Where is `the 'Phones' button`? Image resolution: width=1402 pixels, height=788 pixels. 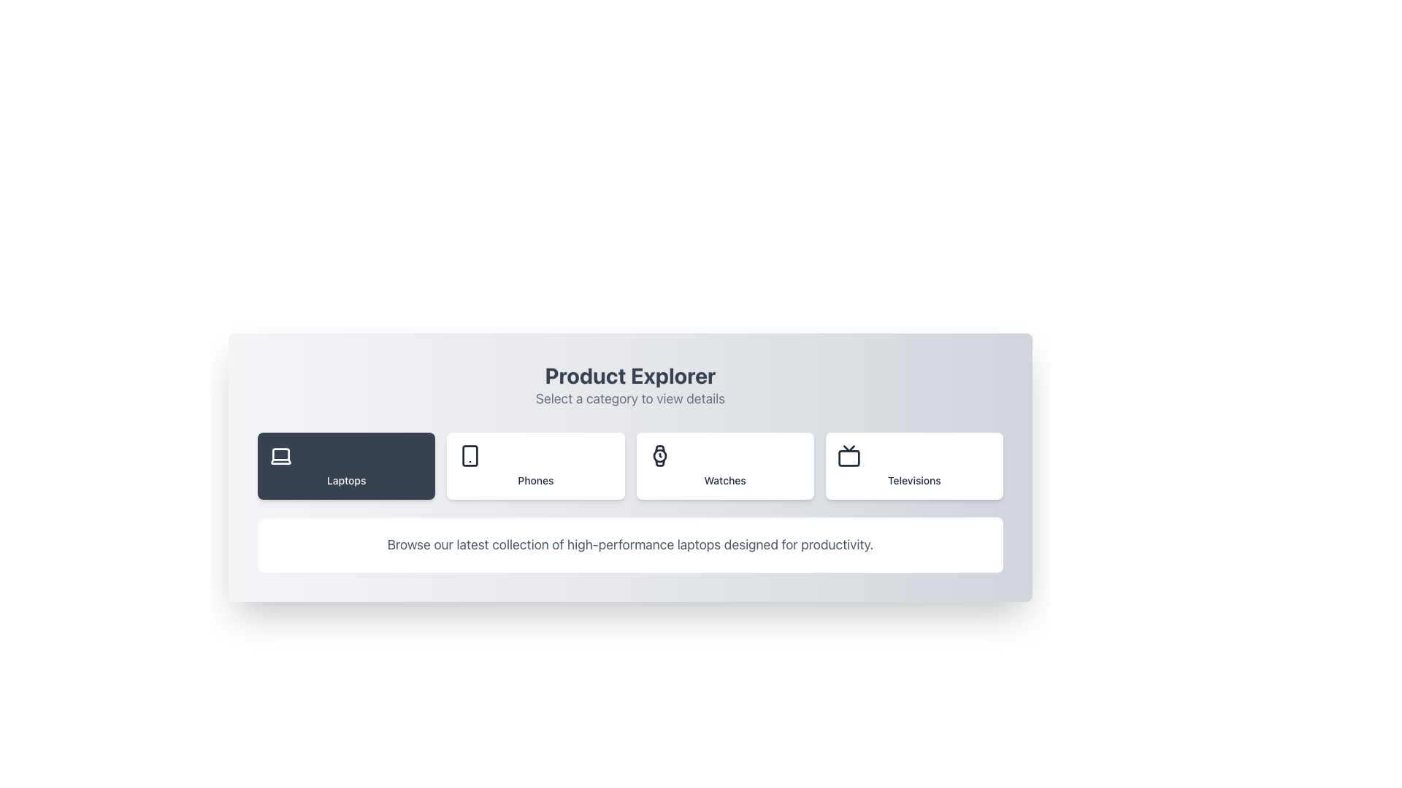 the 'Phones' button is located at coordinates (535, 466).